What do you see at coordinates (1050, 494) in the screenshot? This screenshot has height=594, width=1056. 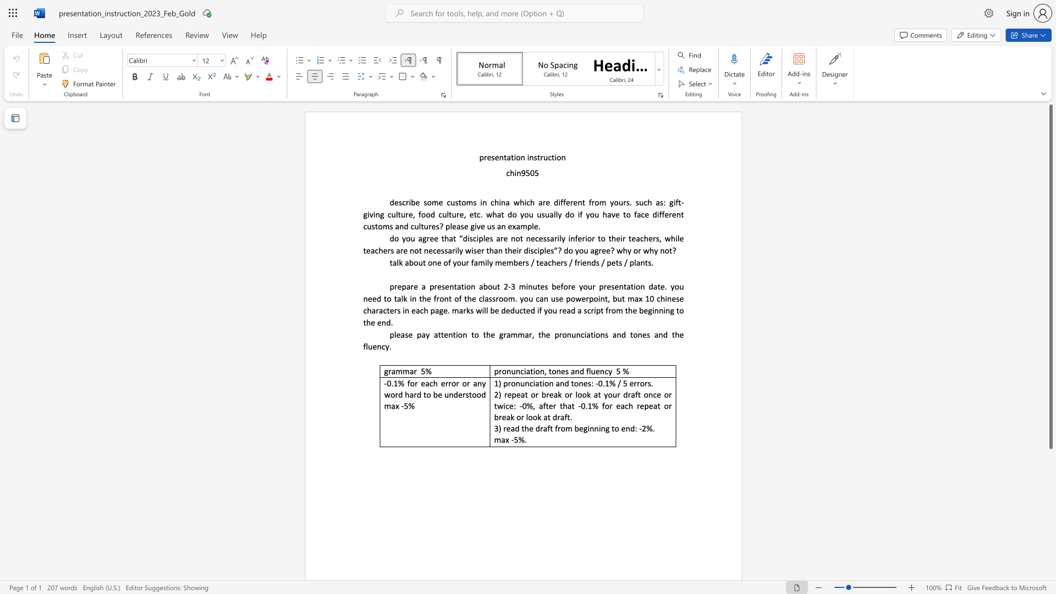 I see `the page's right scrollbar for downward movement` at bounding box center [1050, 494].